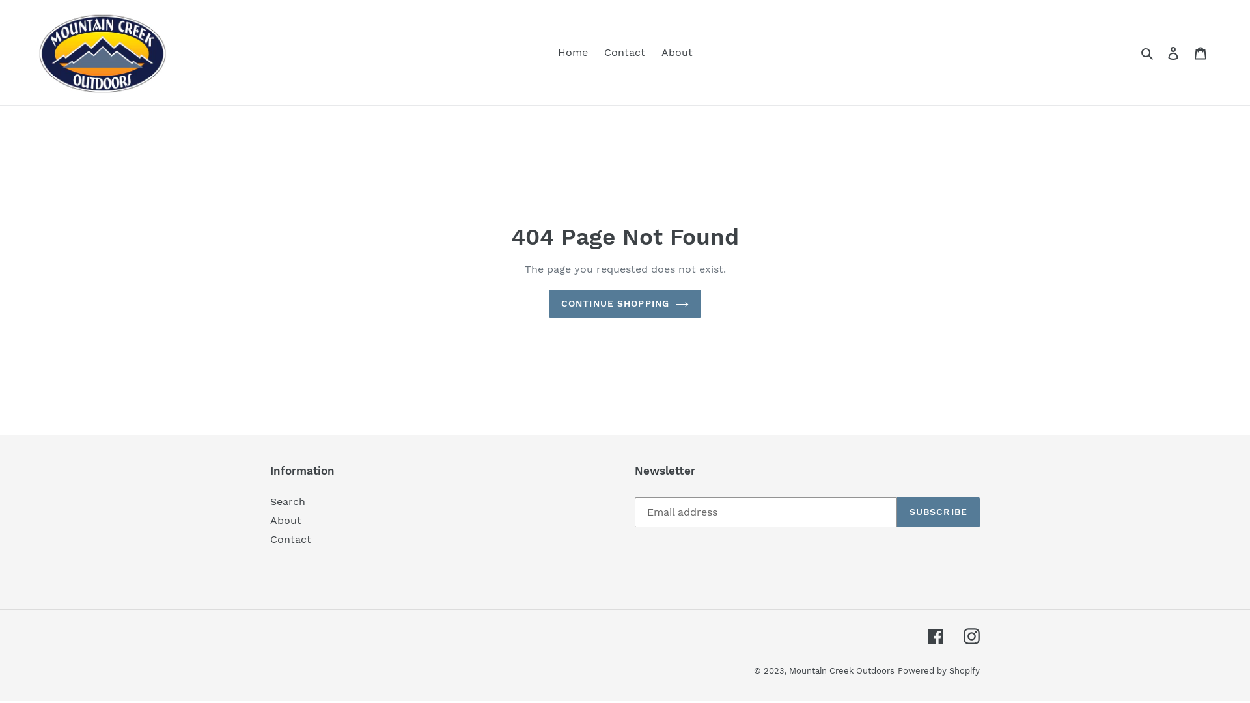 Image resolution: width=1250 pixels, height=703 pixels. What do you see at coordinates (285, 519) in the screenshot?
I see `'About'` at bounding box center [285, 519].